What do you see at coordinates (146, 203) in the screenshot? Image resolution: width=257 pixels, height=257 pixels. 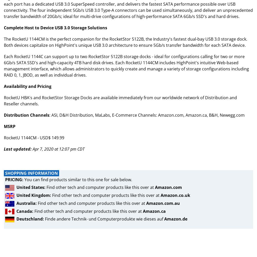 I see `'Amazon.com.au'` at bounding box center [146, 203].